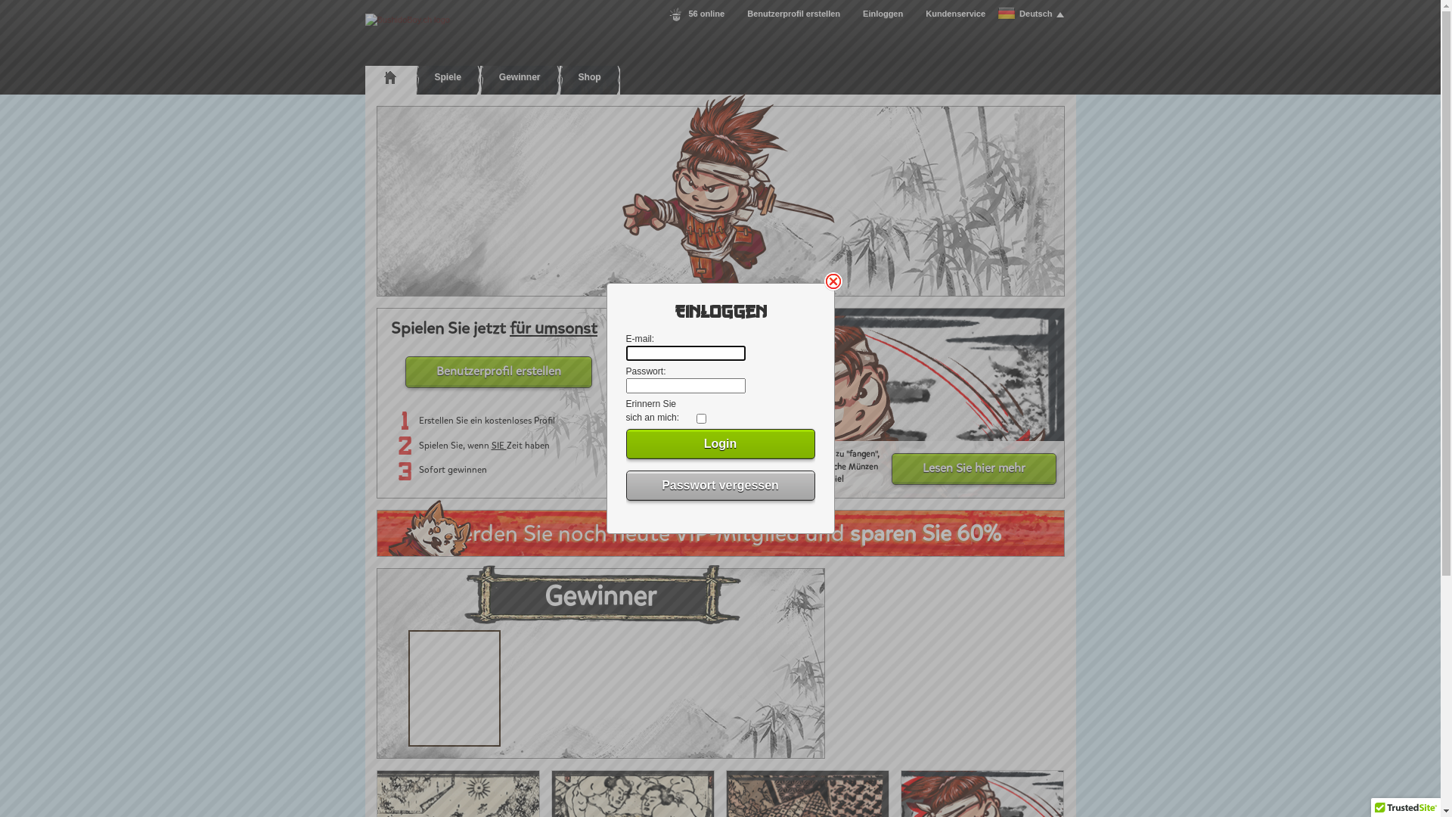 The height and width of the screenshot is (817, 1452). Describe the element at coordinates (793, 14) in the screenshot. I see `'Benutzerprofil erstellen'` at that location.